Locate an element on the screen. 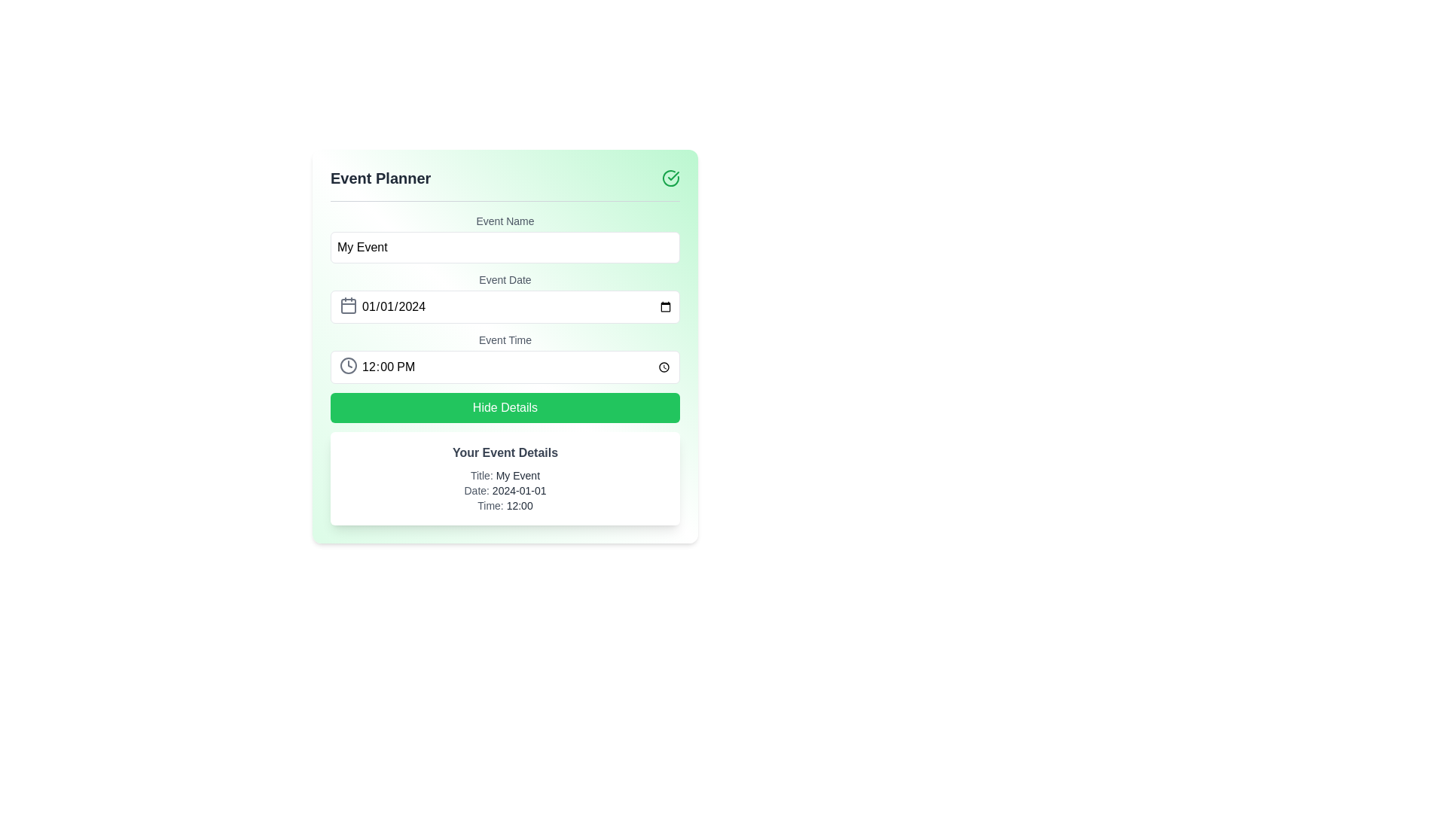 The width and height of the screenshot is (1446, 813). the Text label displaying the event title located under the 'Your Event Details' section, which serves as a read-only descriptor for the event name is located at coordinates (517, 476).